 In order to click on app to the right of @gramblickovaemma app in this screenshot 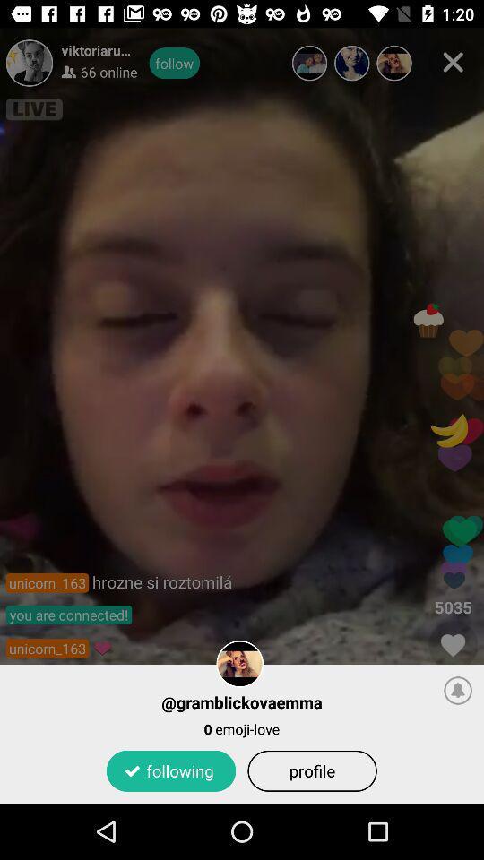, I will do `click(458, 689)`.